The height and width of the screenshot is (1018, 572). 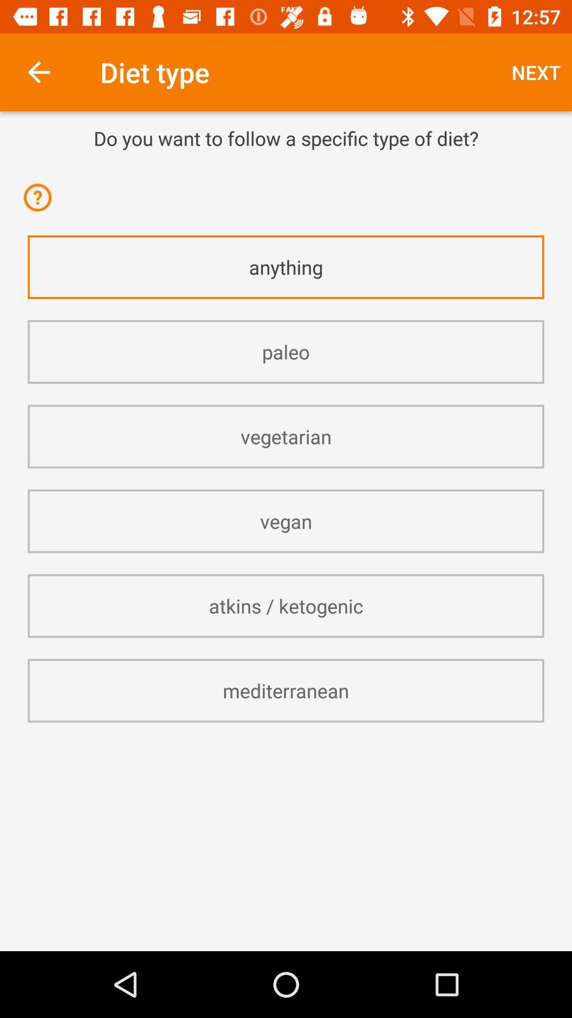 I want to click on icon to the right of diet type, so click(x=536, y=72).